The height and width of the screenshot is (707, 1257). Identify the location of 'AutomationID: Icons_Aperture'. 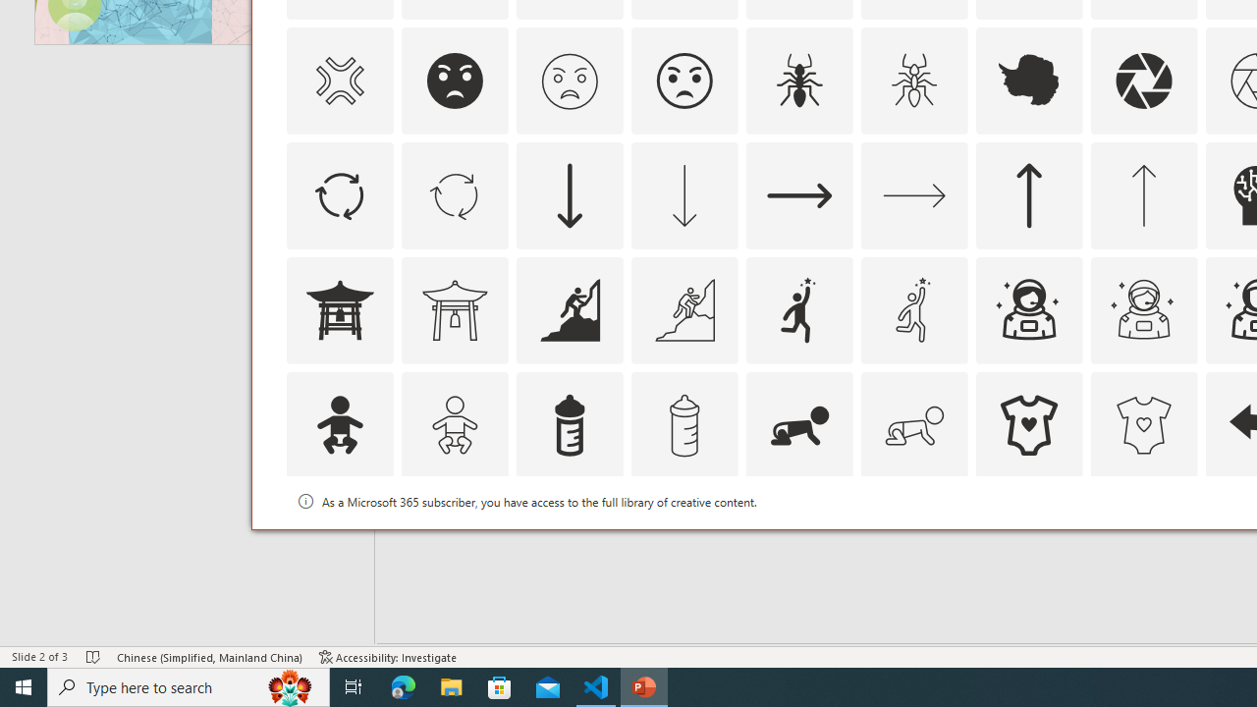
(1143, 80).